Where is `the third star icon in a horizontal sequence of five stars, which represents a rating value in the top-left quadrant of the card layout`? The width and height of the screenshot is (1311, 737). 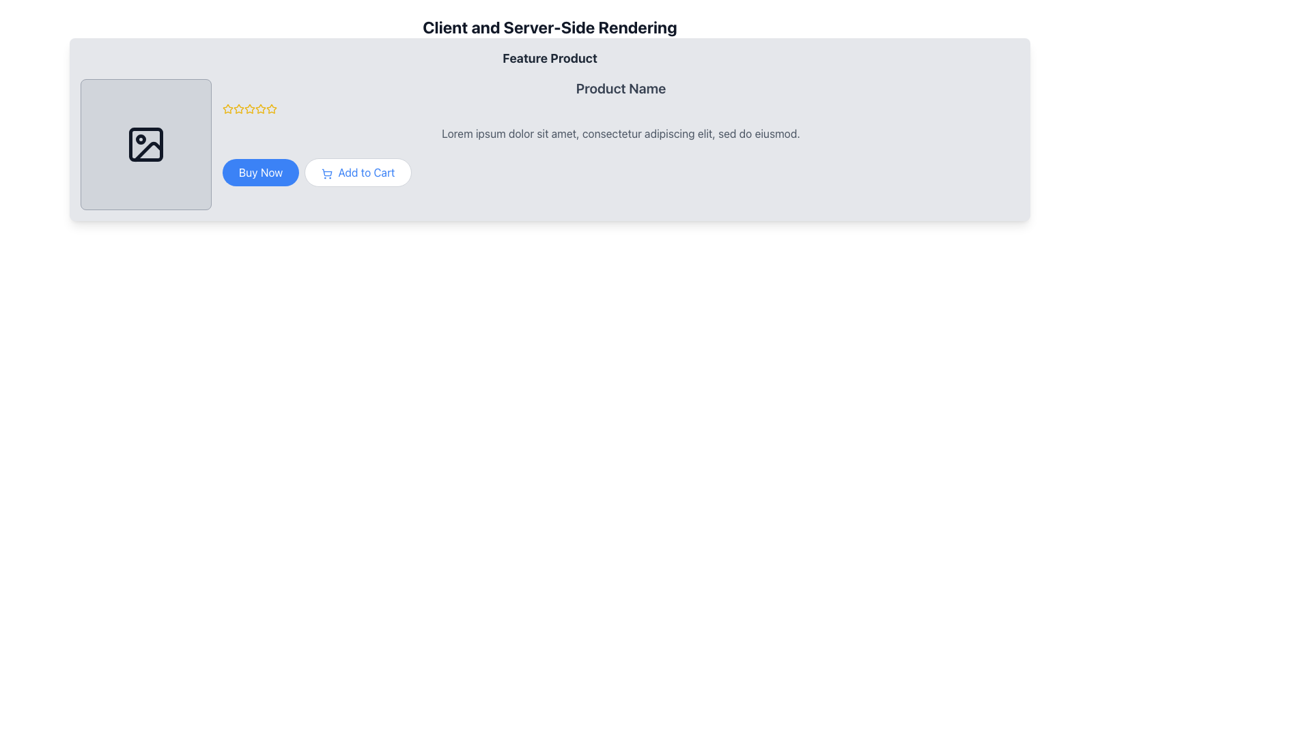
the third star icon in a horizontal sequence of five stars, which represents a rating value in the top-left quadrant of the card layout is located at coordinates (261, 108).